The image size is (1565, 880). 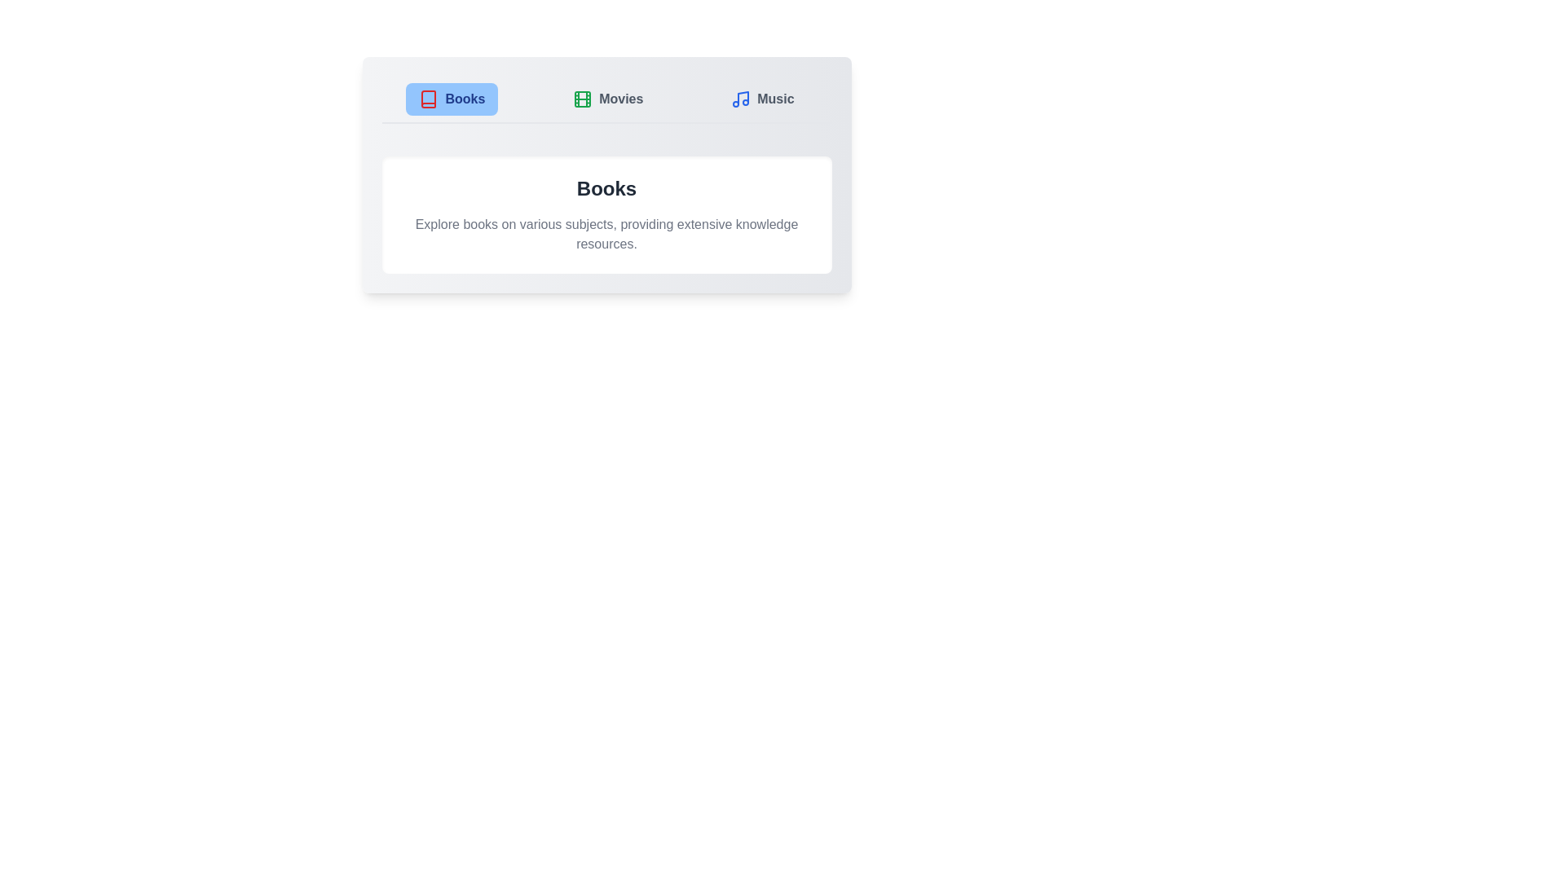 What do you see at coordinates (607, 99) in the screenshot?
I see `the Movies tab to switch its content` at bounding box center [607, 99].